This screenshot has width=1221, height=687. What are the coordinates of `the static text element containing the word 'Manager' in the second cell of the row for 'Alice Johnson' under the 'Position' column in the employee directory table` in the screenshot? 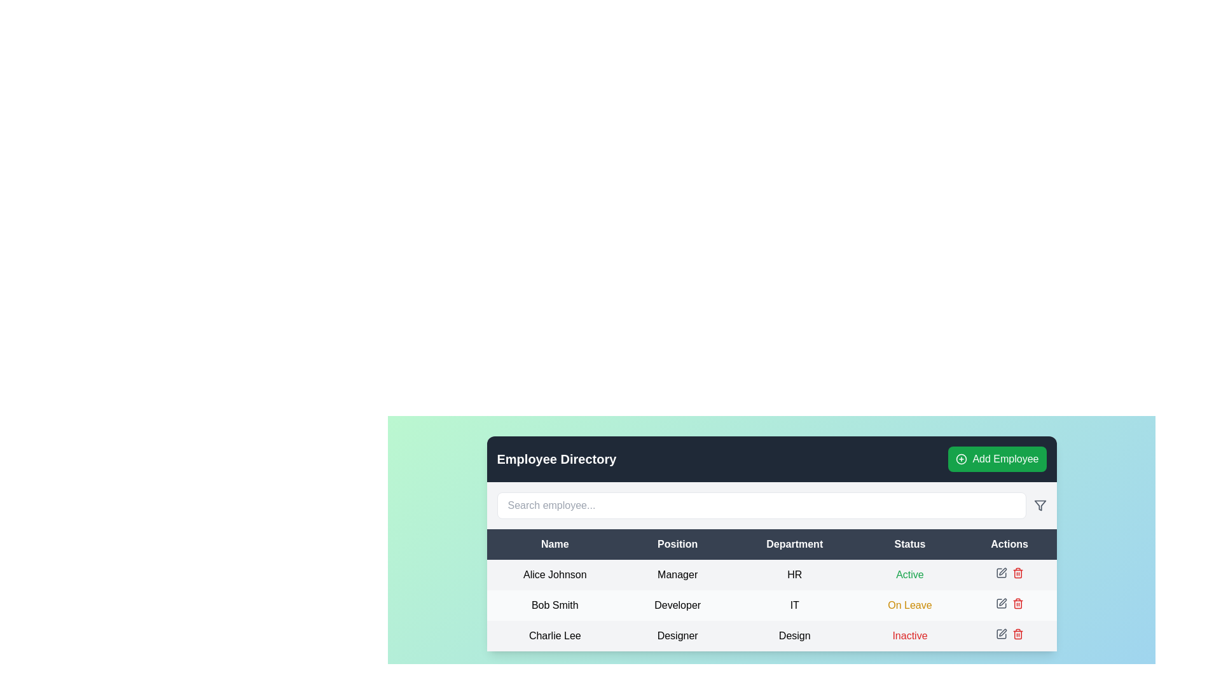 It's located at (677, 574).